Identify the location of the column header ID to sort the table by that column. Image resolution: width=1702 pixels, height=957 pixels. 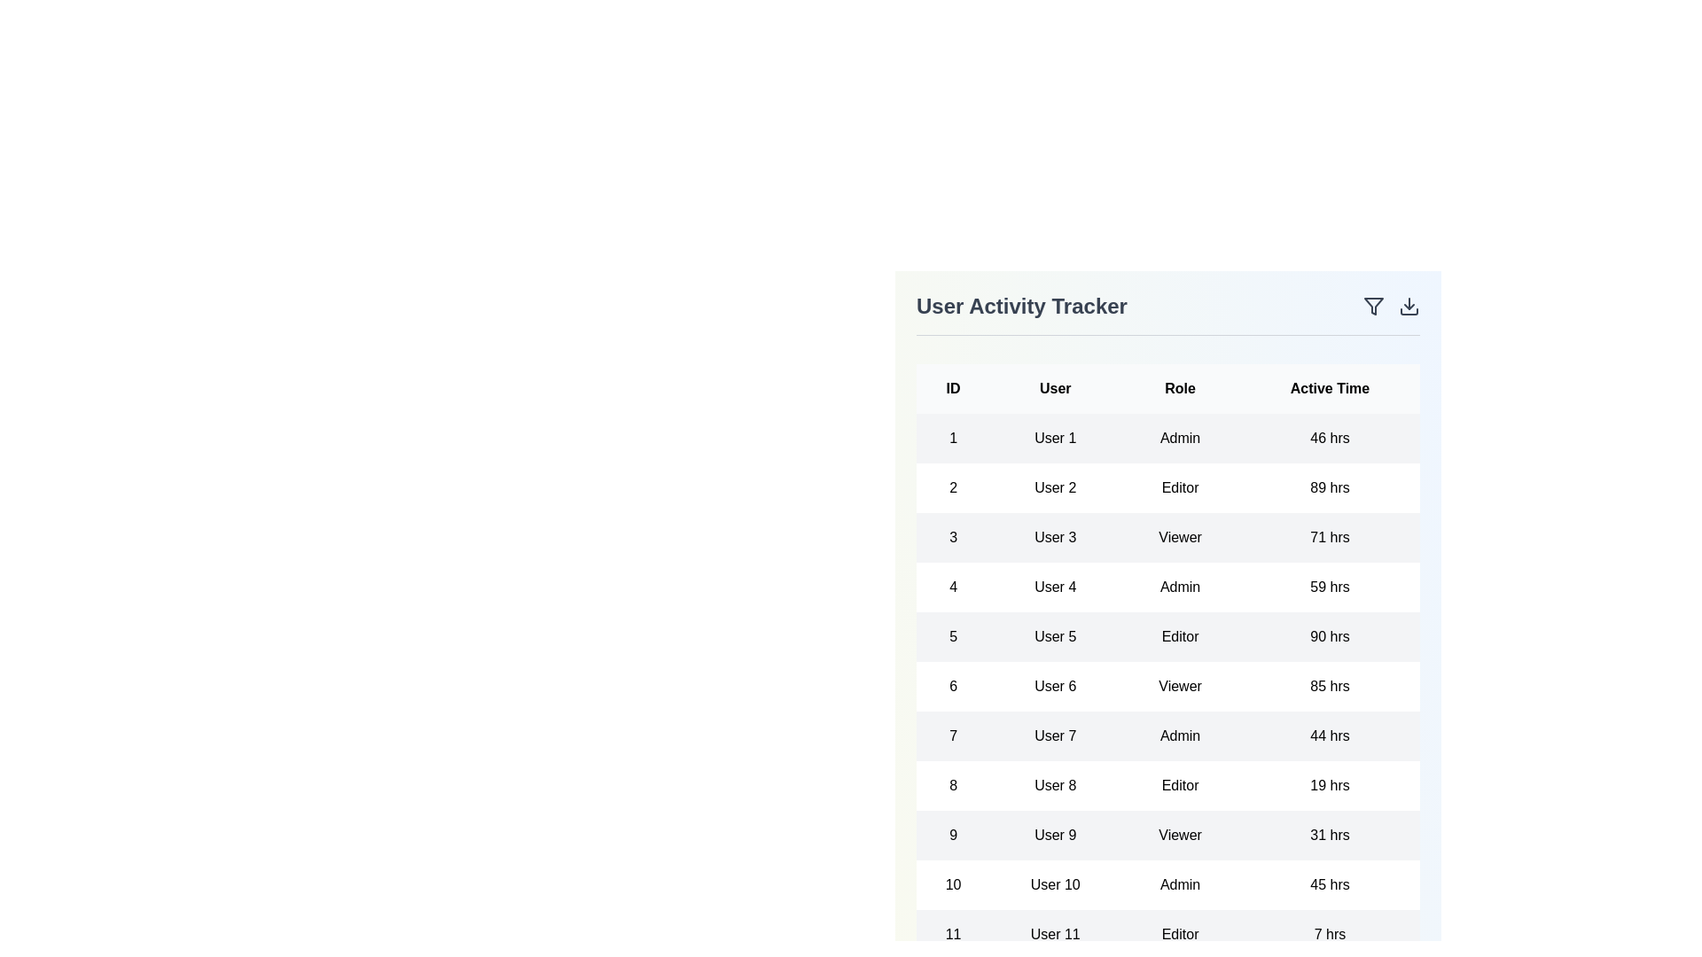
(952, 388).